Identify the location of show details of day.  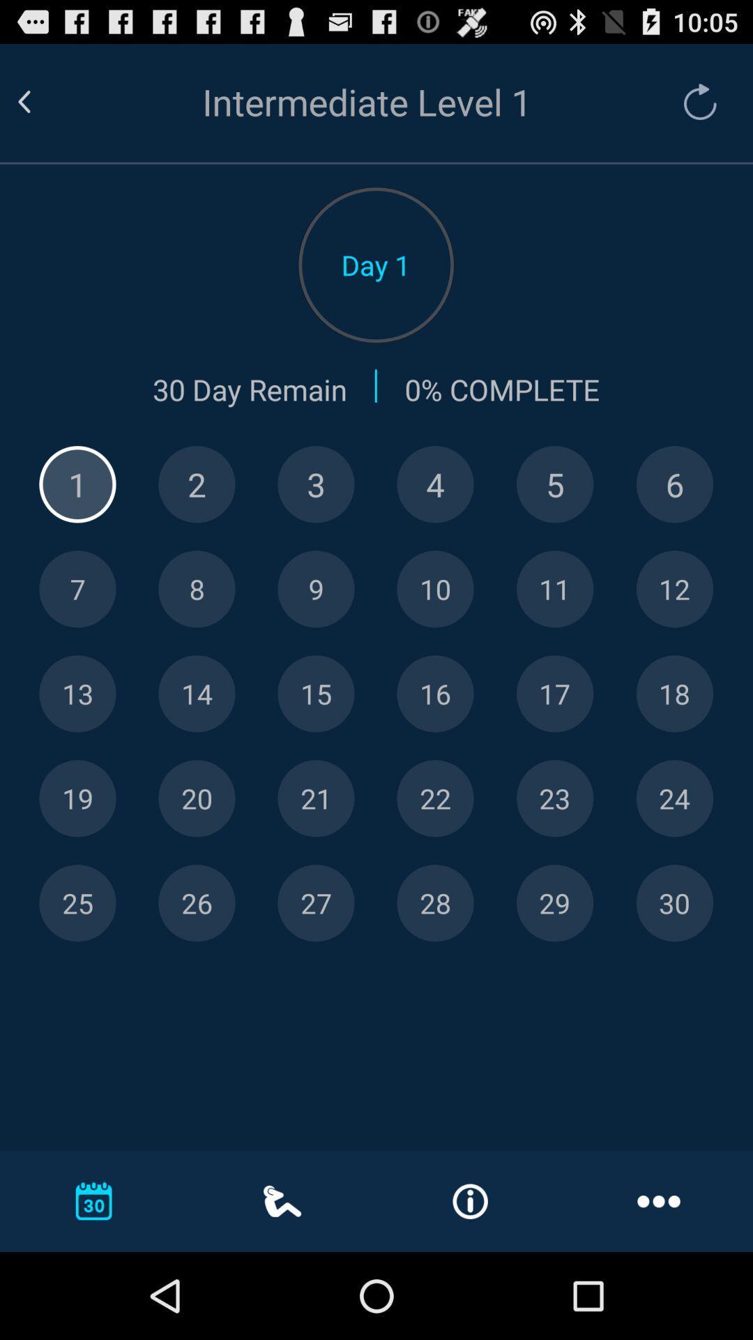
(554, 484).